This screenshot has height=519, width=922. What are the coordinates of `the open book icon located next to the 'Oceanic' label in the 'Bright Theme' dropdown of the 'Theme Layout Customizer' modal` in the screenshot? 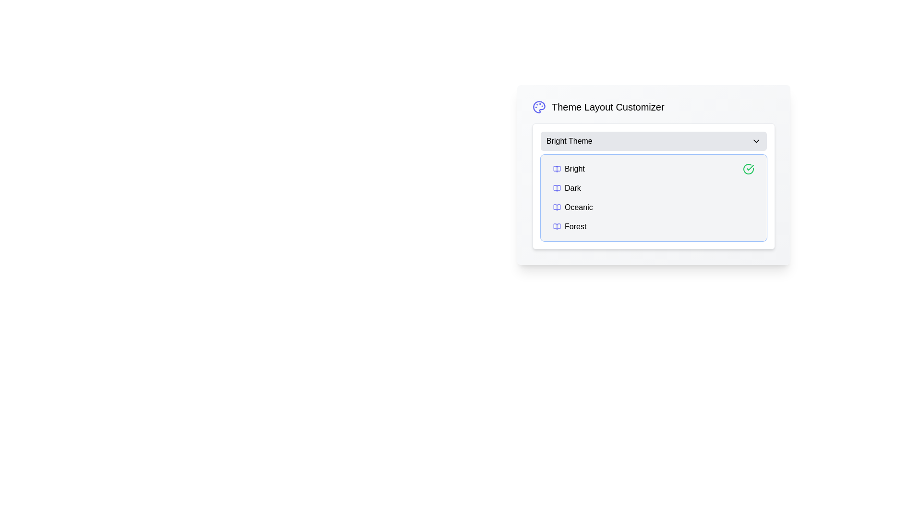 It's located at (557, 207).